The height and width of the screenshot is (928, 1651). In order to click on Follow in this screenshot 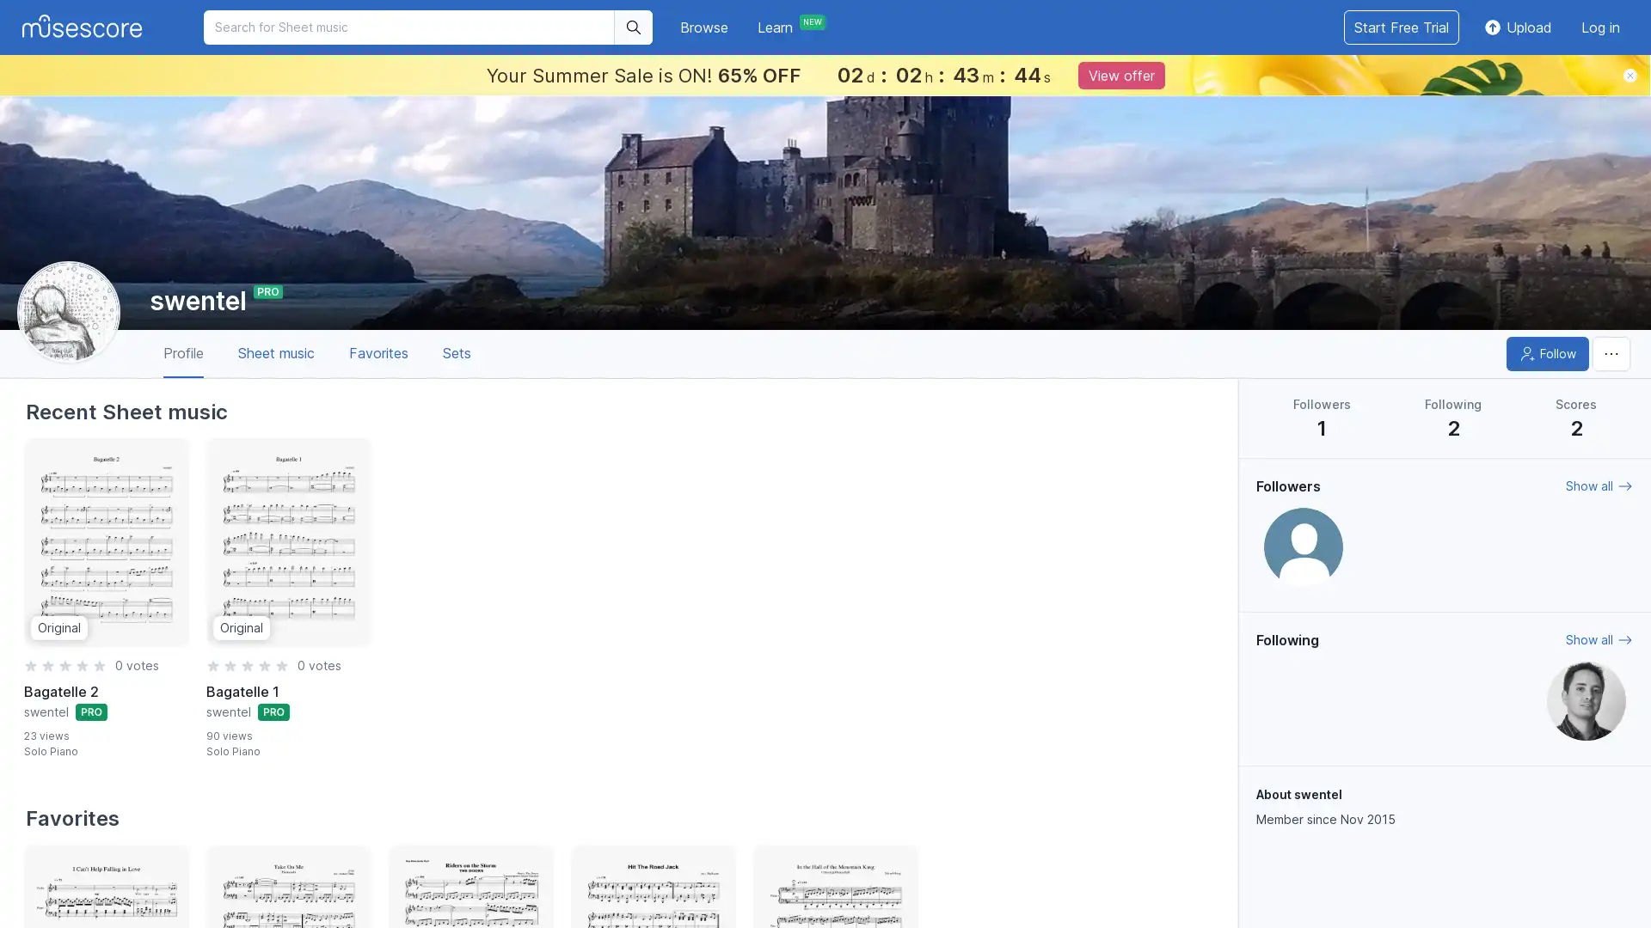, I will do `click(1548, 353)`.